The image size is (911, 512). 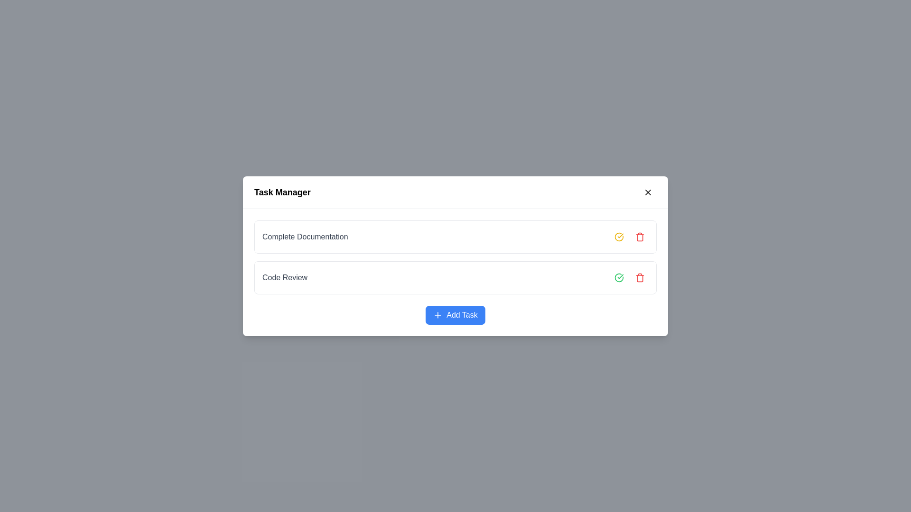 What do you see at coordinates (437, 315) in the screenshot?
I see `the plus icon located inside the 'Add Task' button at the bottom center of the interface` at bounding box center [437, 315].